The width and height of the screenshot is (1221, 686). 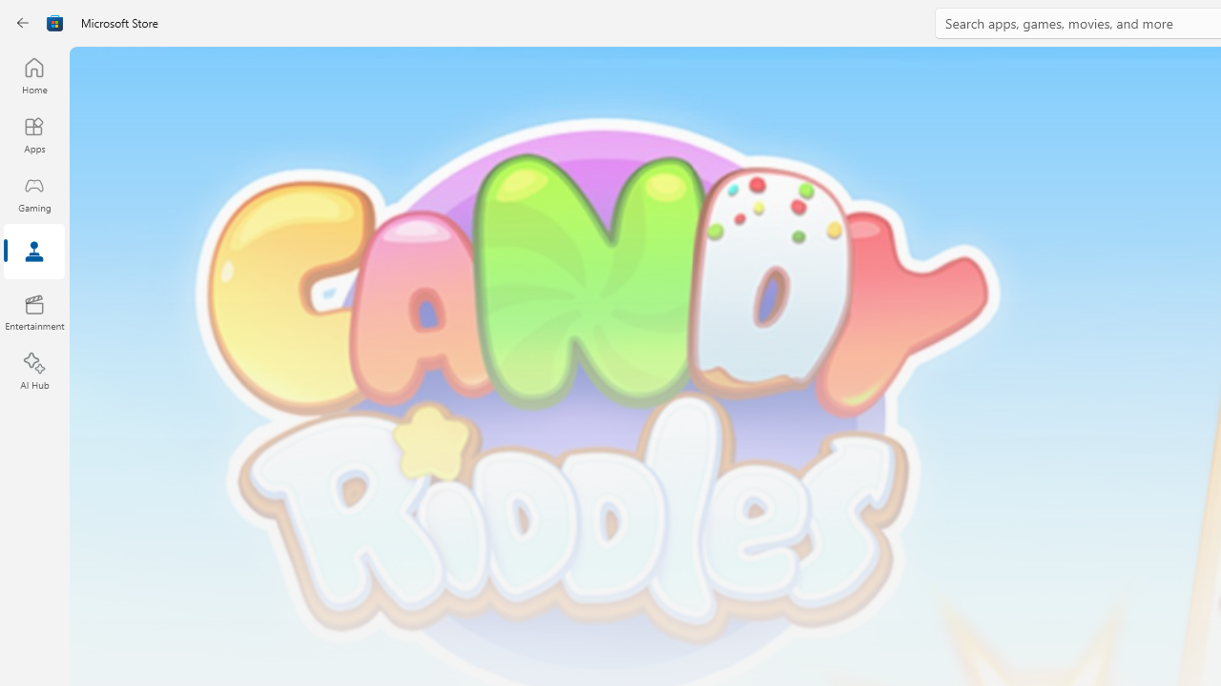 I want to click on 'Class: Image', so click(x=55, y=23).